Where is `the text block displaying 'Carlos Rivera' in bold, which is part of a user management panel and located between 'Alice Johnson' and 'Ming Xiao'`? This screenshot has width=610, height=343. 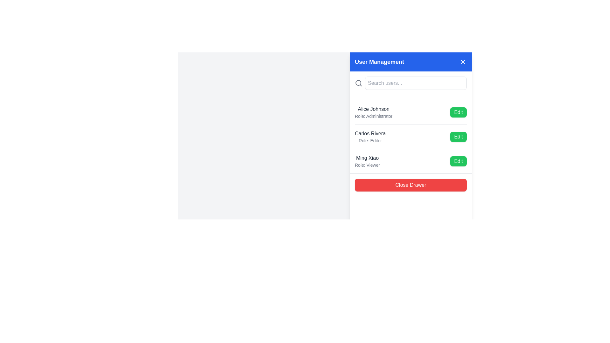
the text block displaying 'Carlos Rivera' in bold, which is part of a user management panel and located between 'Alice Johnson' and 'Ming Xiao' is located at coordinates (370, 137).